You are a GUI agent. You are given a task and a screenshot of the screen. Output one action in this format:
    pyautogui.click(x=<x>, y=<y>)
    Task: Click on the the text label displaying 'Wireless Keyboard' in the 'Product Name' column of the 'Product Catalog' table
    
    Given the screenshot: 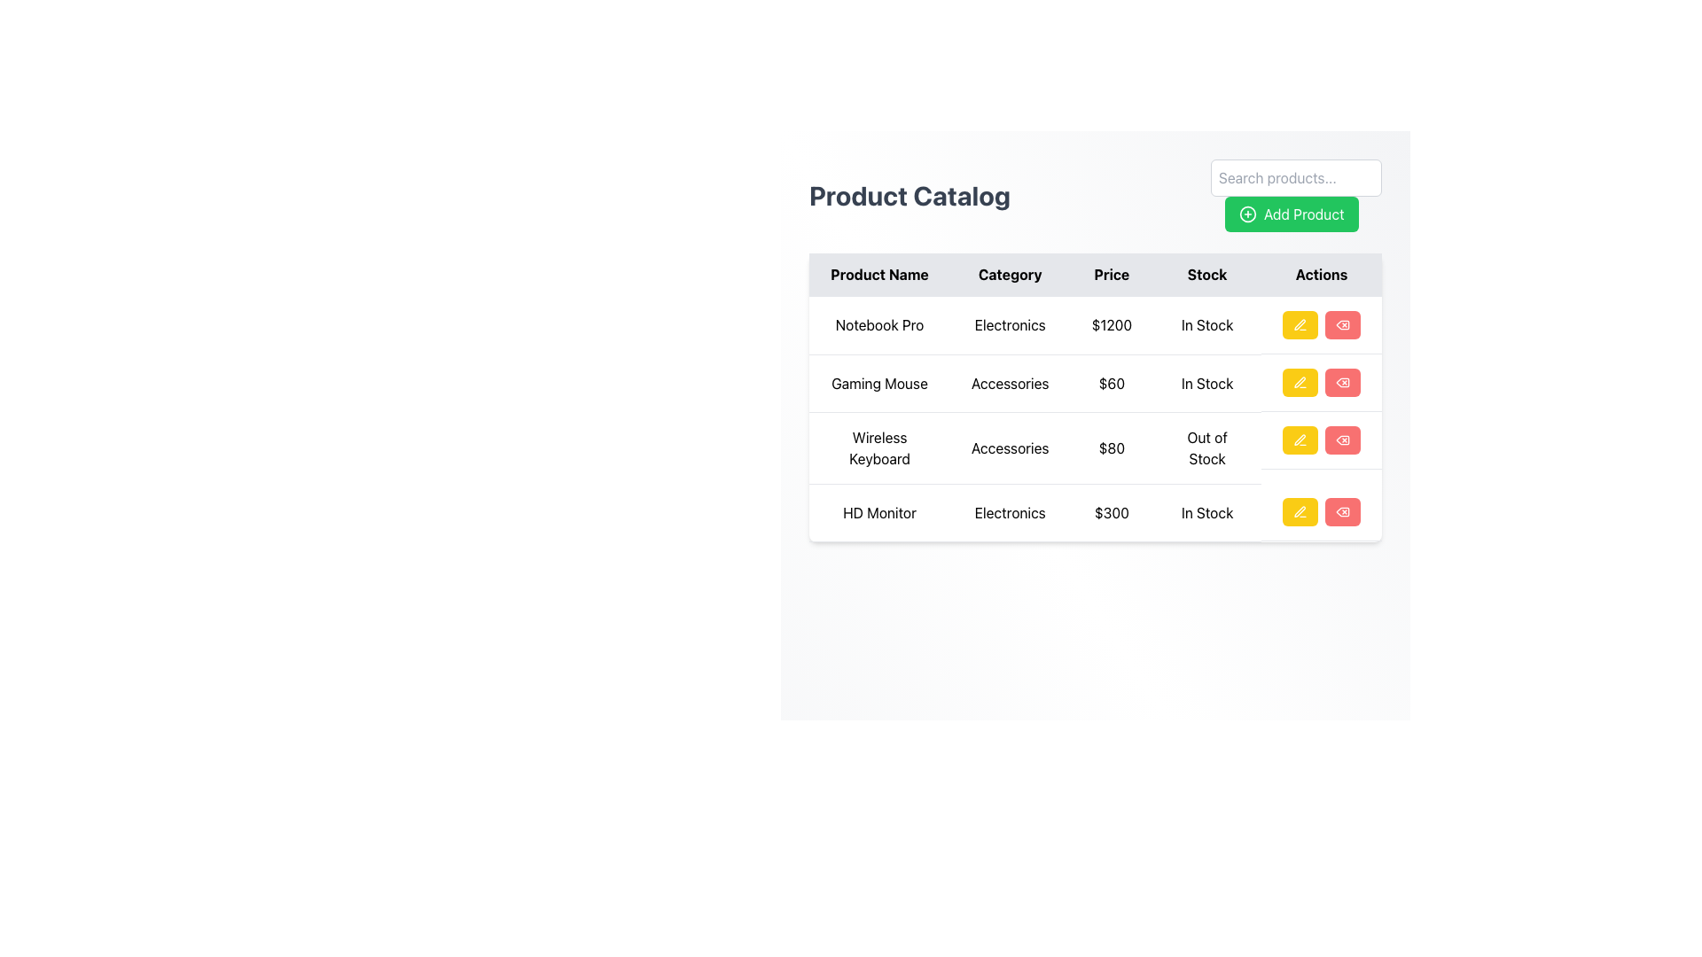 What is the action you would take?
    pyautogui.click(x=879, y=447)
    